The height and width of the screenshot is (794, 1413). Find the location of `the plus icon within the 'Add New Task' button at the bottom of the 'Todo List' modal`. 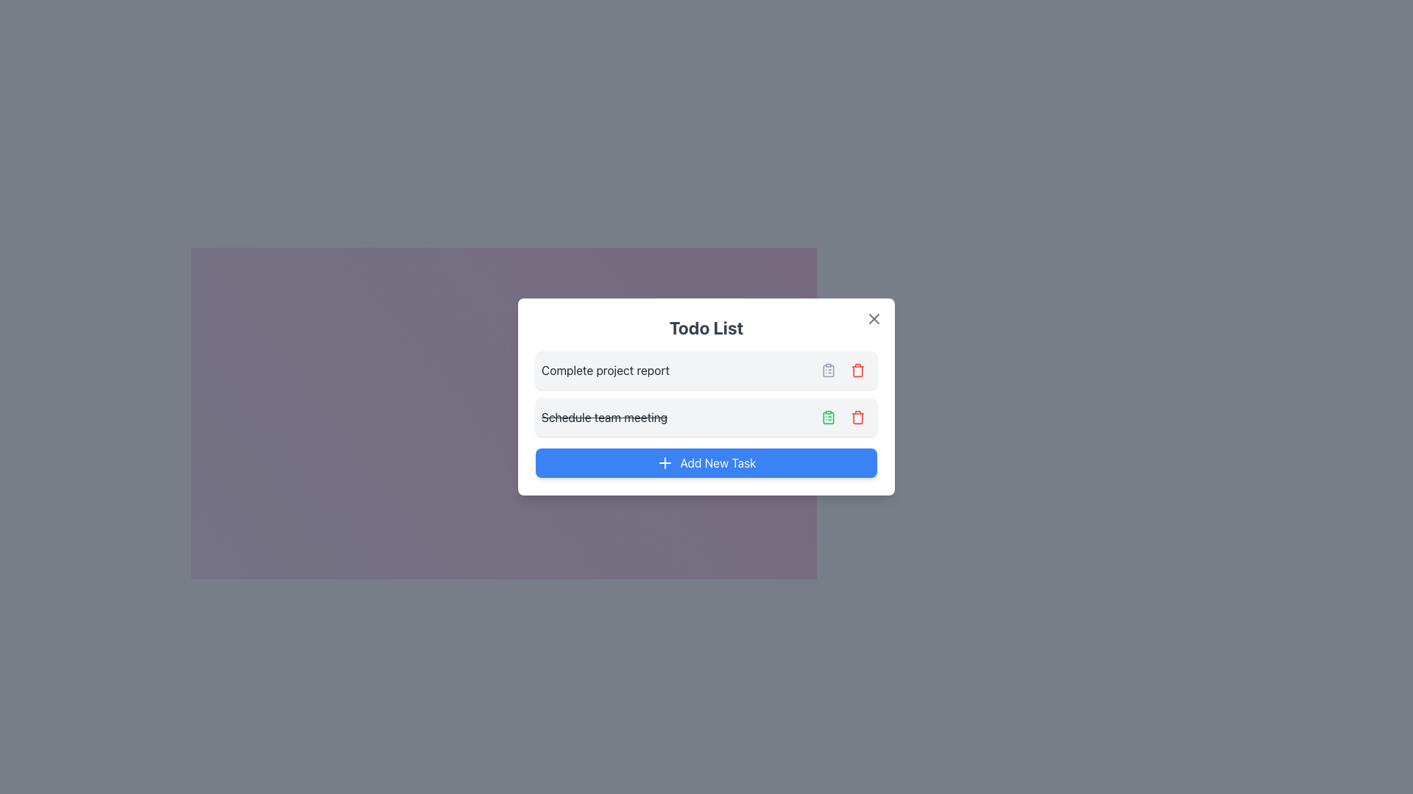

the plus icon within the 'Add New Task' button at the bottom of the 'Todo List' modal is located at coordinates (665, 462).